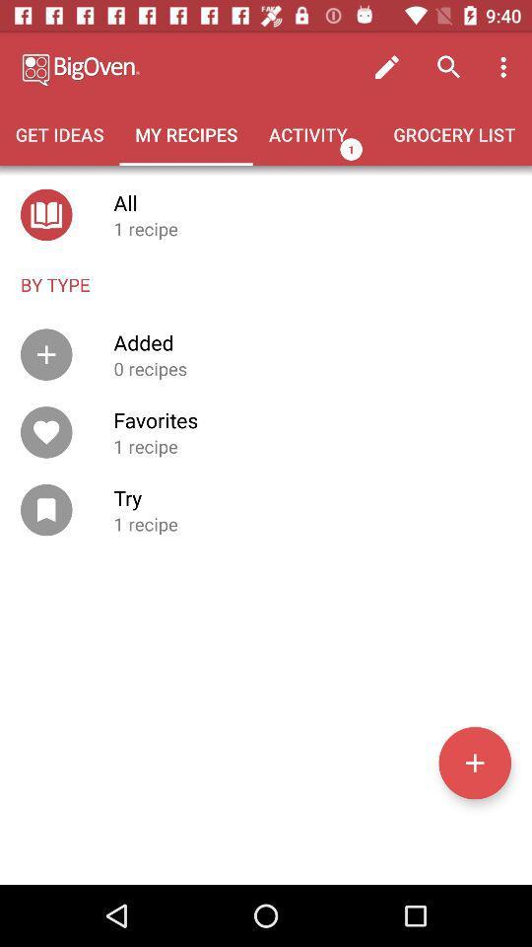 The height and width of the screenshot is (947, 532). Describe the element at coordinates (505, 67) in the screenshot. I see `item above the grocery list` at that location.